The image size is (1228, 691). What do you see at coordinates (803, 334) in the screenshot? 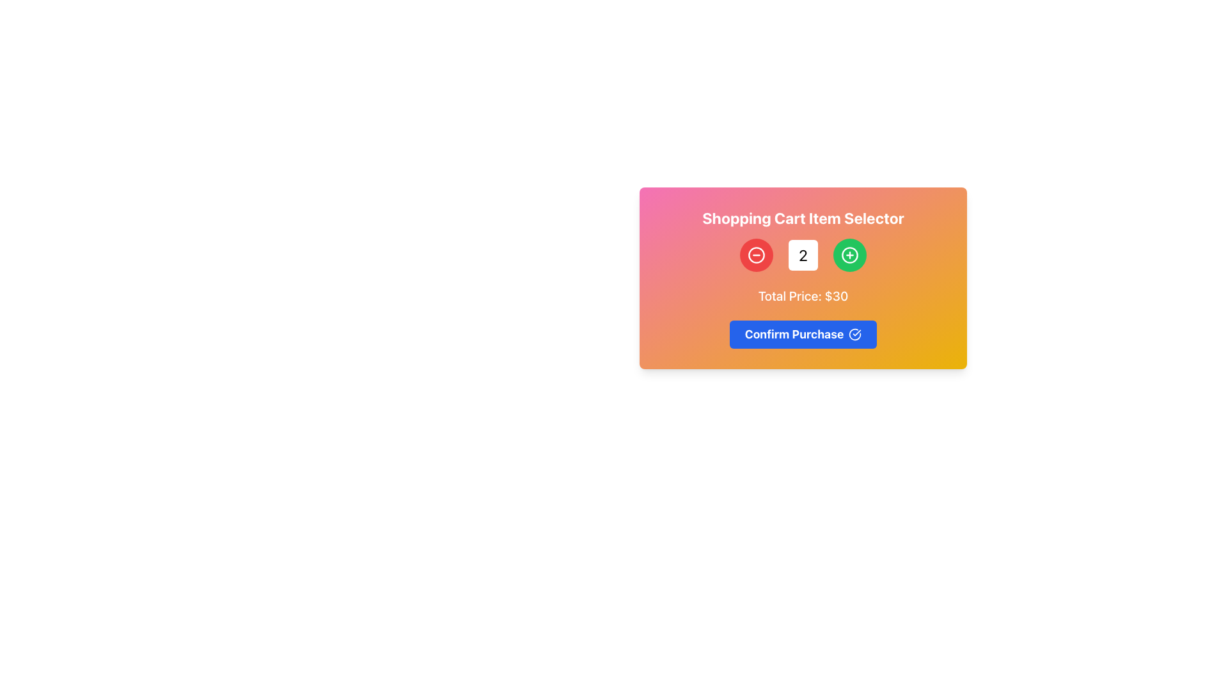
I see `the rectangular blue 'Confirm Purchase' button with white bold text and a circular checkmark icon` at bounding box center [803, 334].